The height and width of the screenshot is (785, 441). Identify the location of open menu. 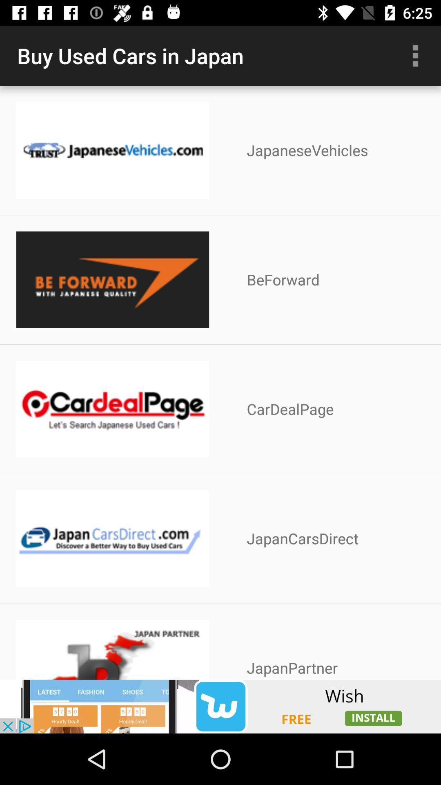
(415, 55).